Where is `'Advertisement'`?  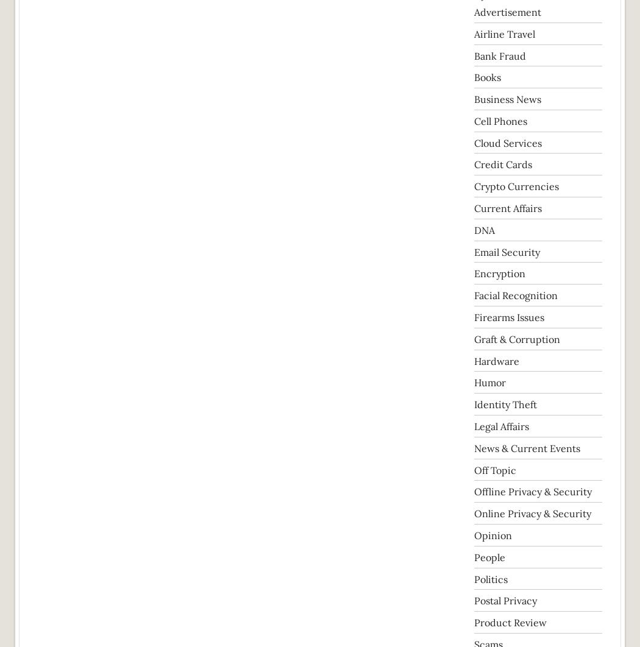
'Advertisement' is located at coordinates (507, 12).